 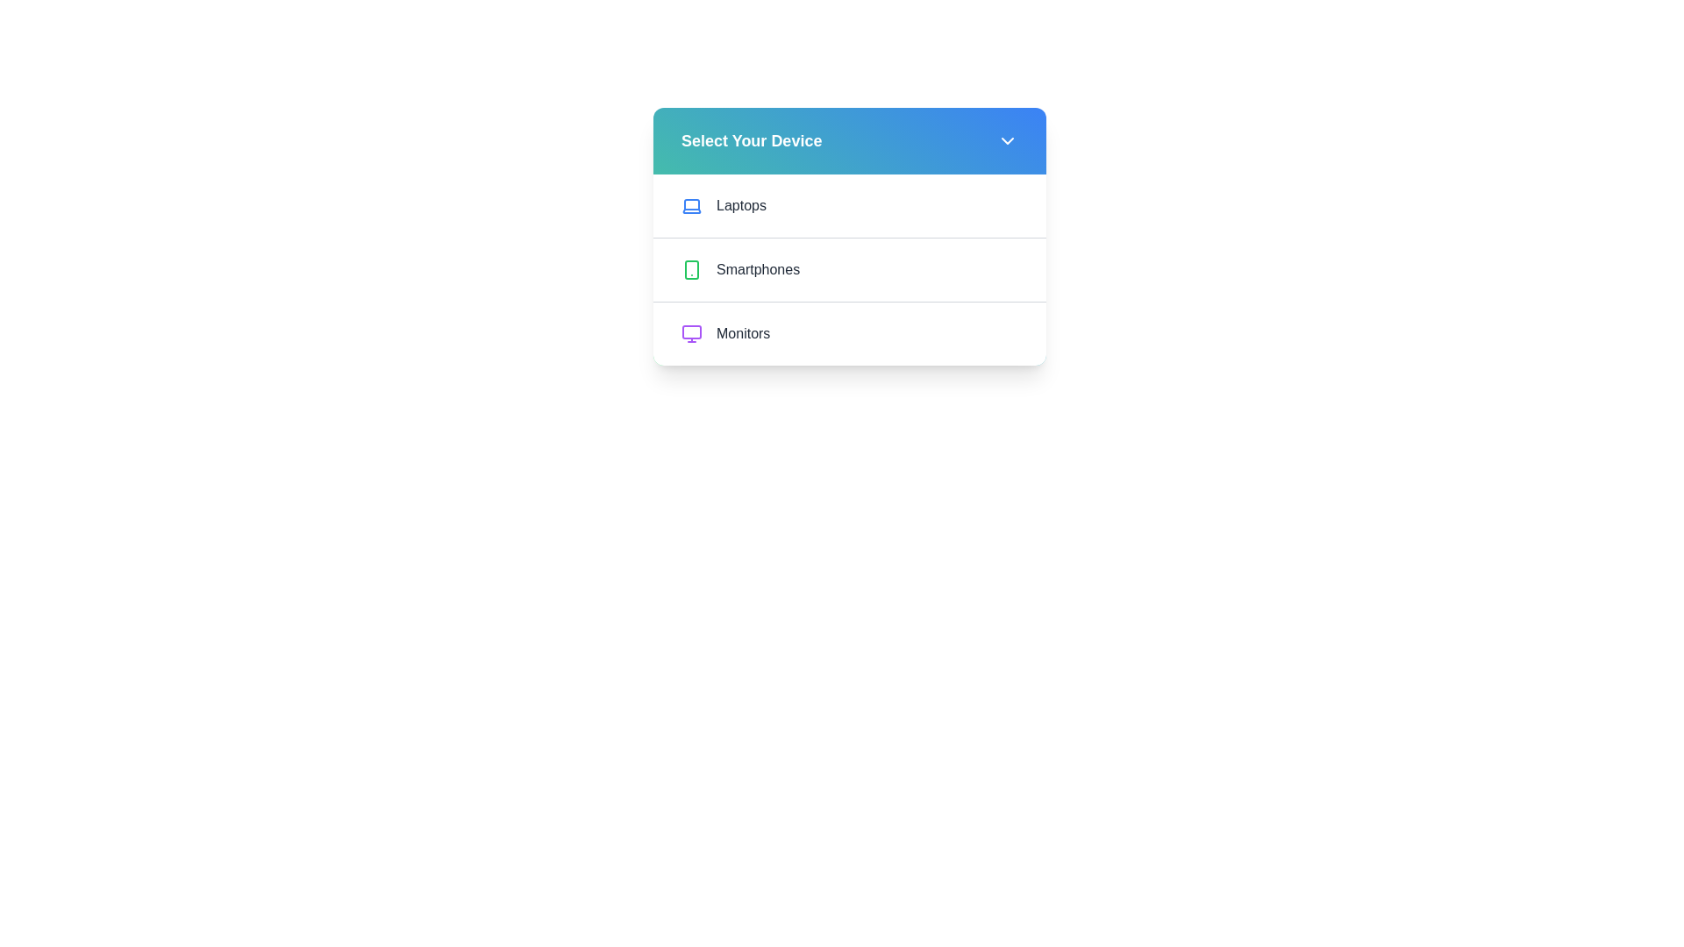 I want to click on the device option Monitors from the dropdown menu, so click(x=850, y=333).